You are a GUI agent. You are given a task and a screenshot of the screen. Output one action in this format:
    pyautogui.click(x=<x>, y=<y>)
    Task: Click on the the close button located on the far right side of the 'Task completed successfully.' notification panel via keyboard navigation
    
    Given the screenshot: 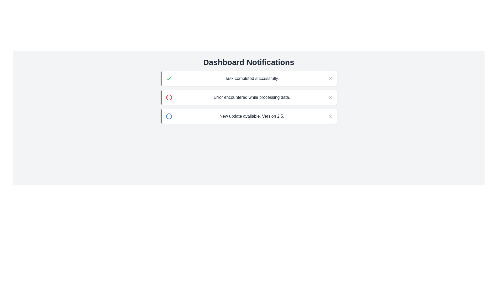 What is the action you would take?
    pyautogui.click(x=330, y=79)
    